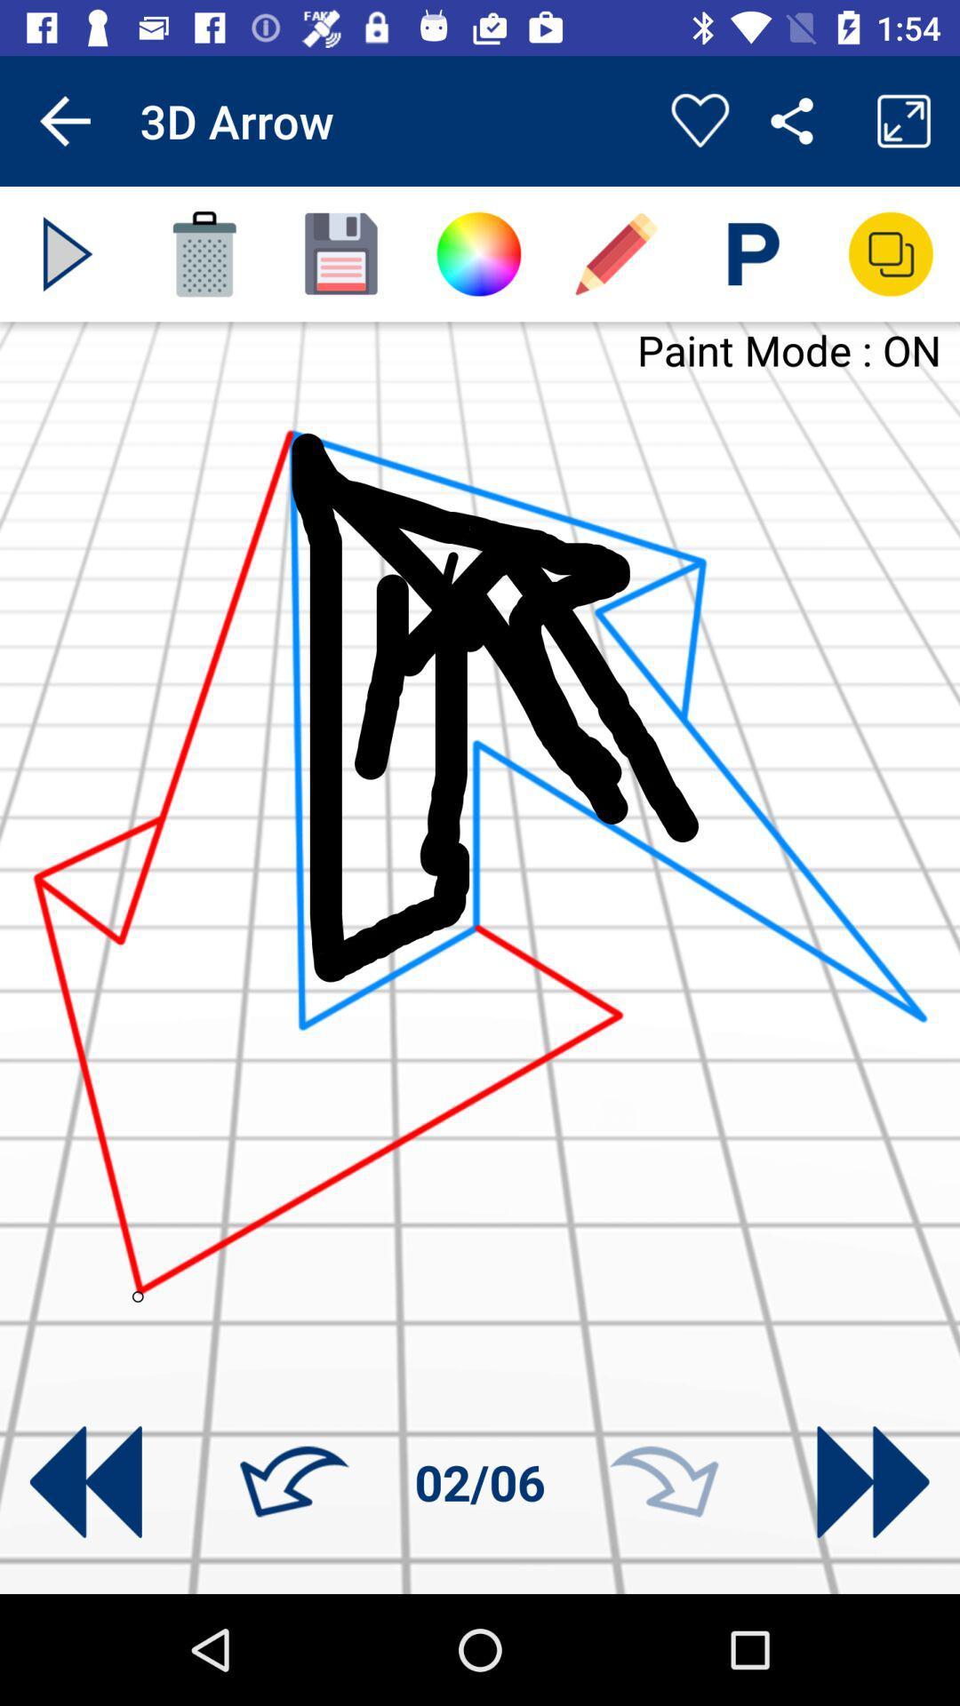 This screenshot has height=1706, width=960. I want to click on the undo icon, so click(293, 1482).